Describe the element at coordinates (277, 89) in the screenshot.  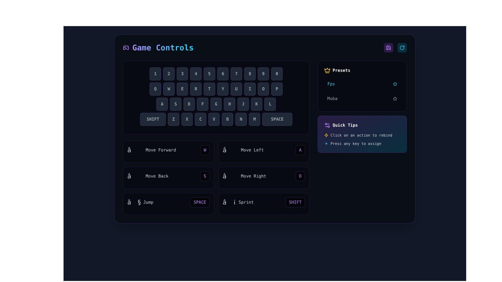
I see `the 'P' key button on the digital keyboard layout, which is located at the last position of the topmost row, to simulate a key press` at that location.